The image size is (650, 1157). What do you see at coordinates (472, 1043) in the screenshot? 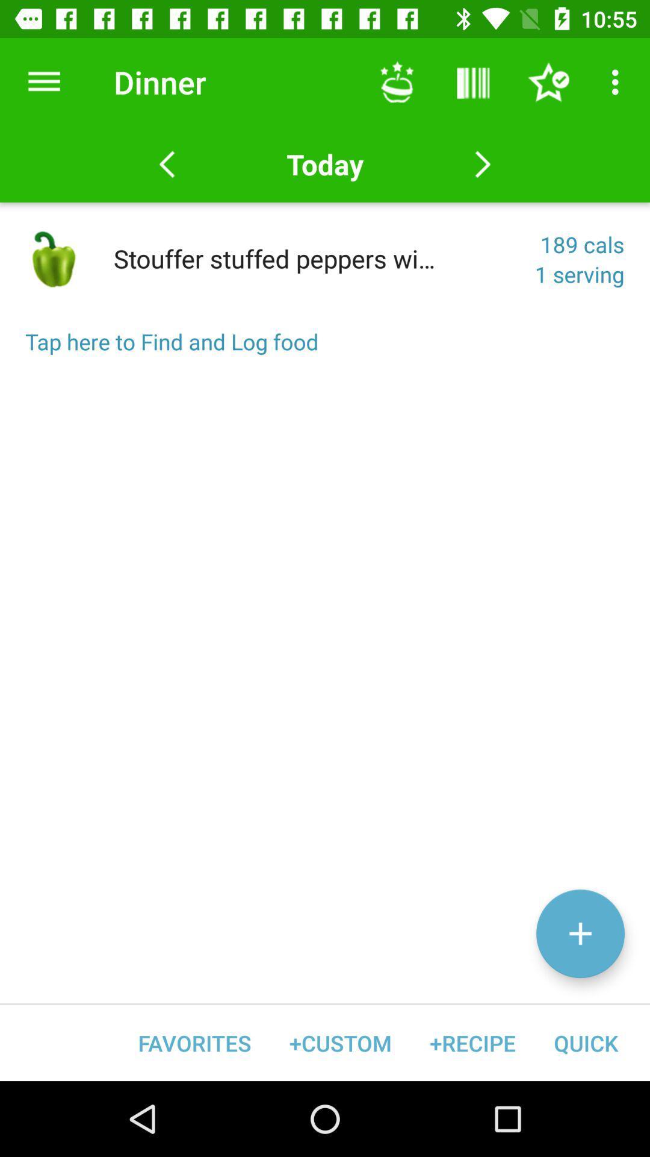
I see `the item next to the quick icon` at bounding box center [472, 1043].